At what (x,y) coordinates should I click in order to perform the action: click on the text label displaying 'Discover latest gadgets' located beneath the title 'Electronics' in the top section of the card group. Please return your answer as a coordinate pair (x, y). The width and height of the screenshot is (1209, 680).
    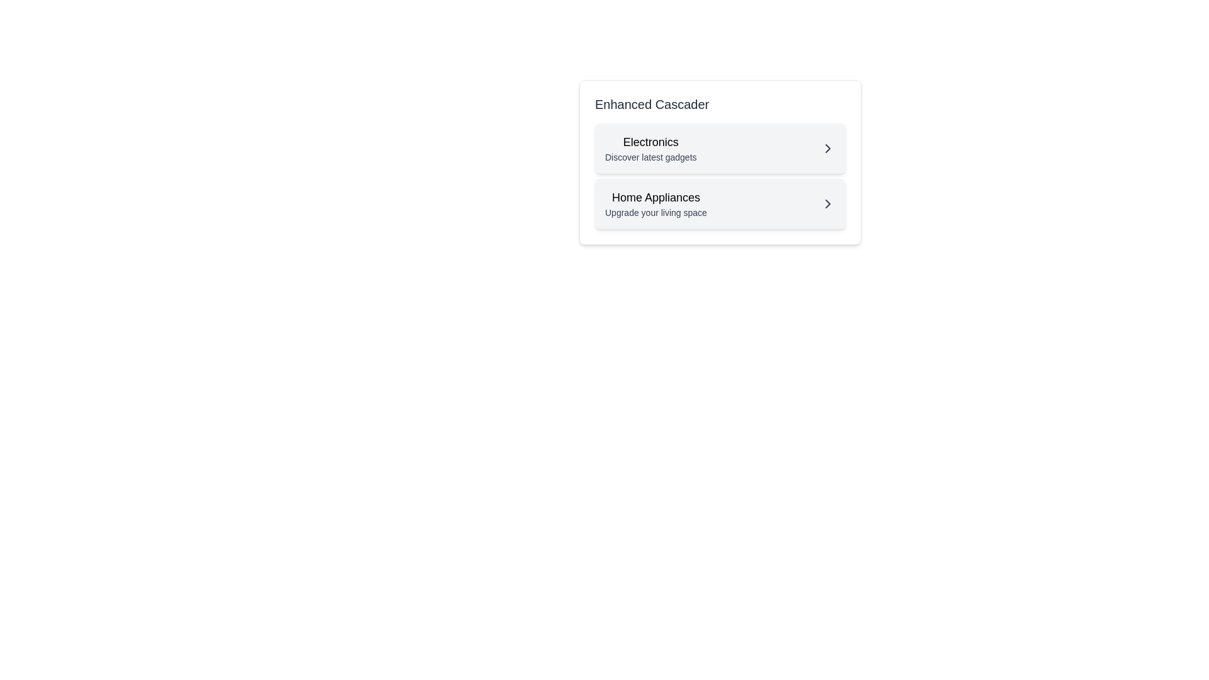
    Looking at the image, I should click on (650, 157).